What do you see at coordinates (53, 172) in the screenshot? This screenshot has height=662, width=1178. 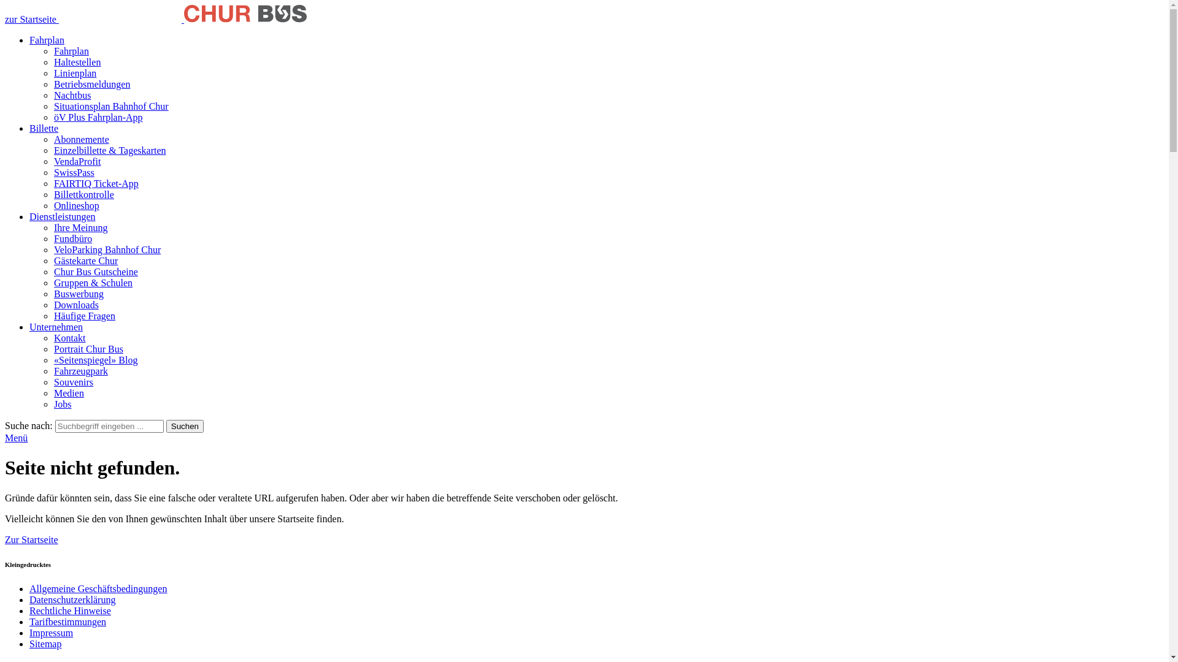 I see `'SwissPass'` at bounding box center [53, 172].